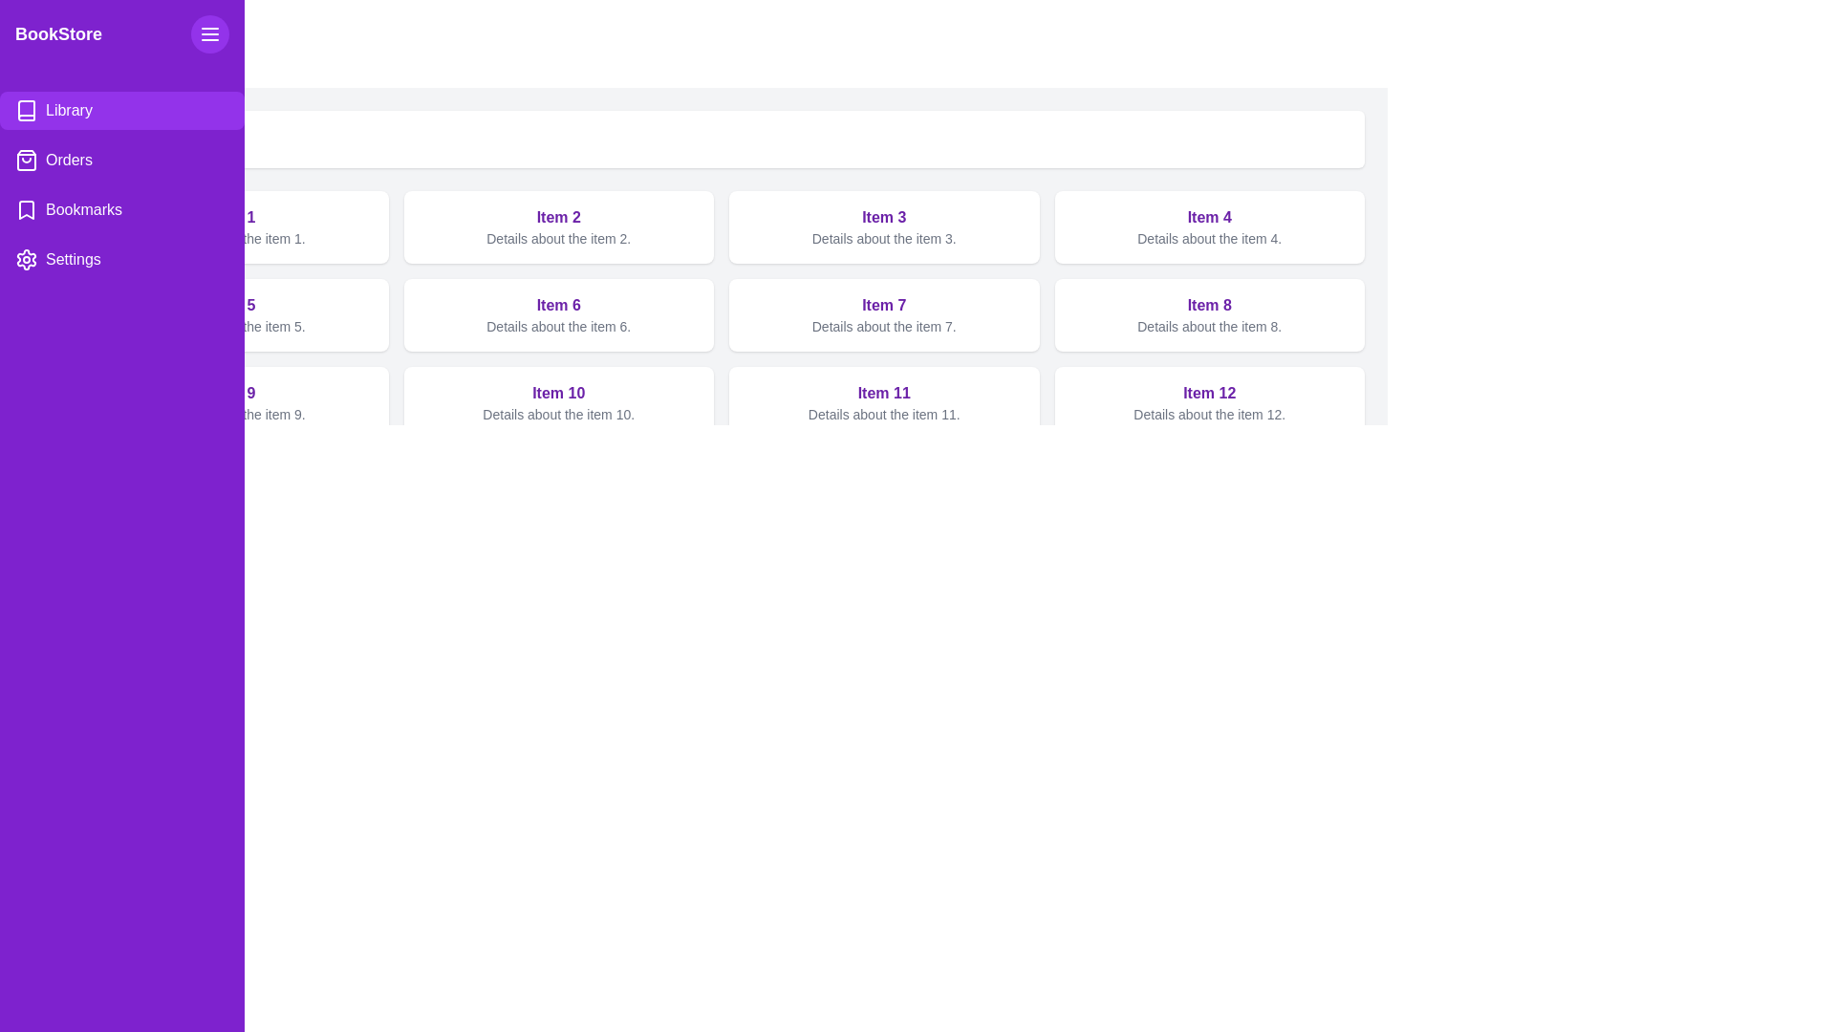 Image resolution: width=1835 pixels, height=1032 pixels. I want to click on the Card containing the title 'Item 4' and description 'Details about the item 4.' which is styled with a bold purple font and is located in the first row and fourth column of the grid layout, so click(1208, 226).